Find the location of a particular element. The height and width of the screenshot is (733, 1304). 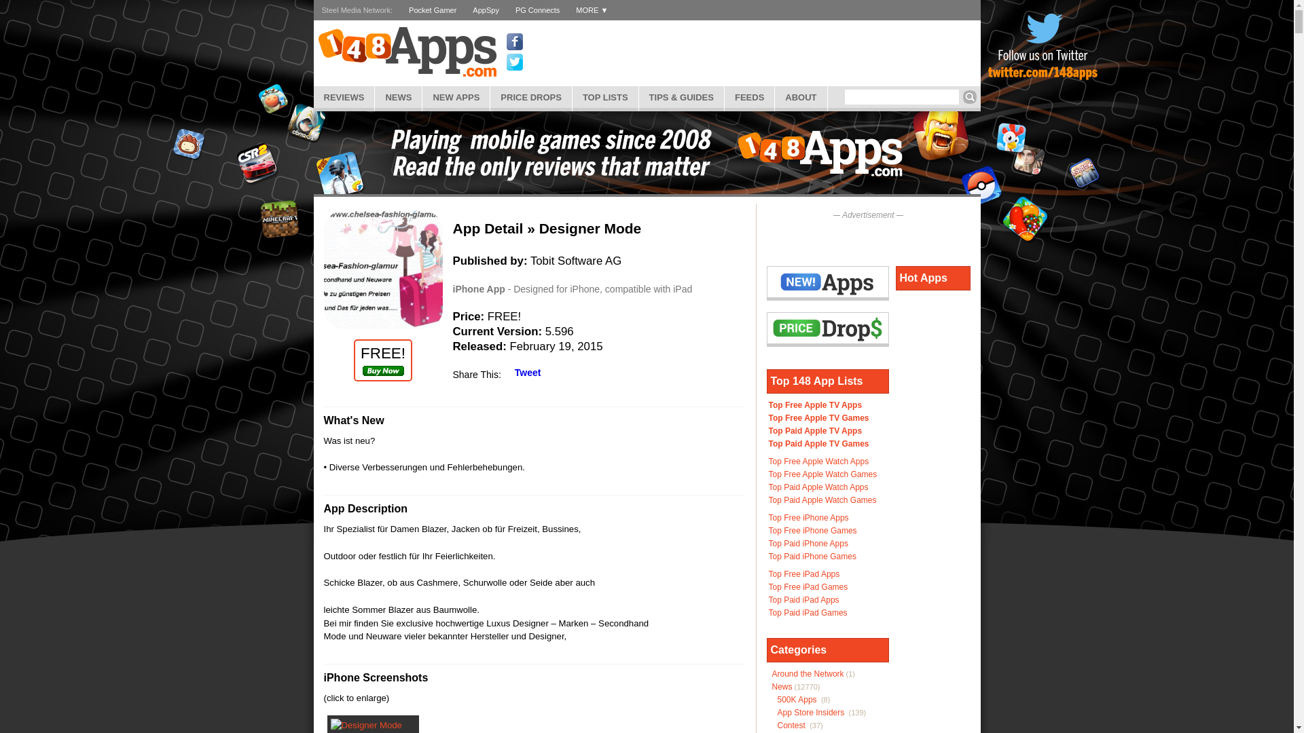

'Top Free iPad Games' is located at coordinates (808, 586).